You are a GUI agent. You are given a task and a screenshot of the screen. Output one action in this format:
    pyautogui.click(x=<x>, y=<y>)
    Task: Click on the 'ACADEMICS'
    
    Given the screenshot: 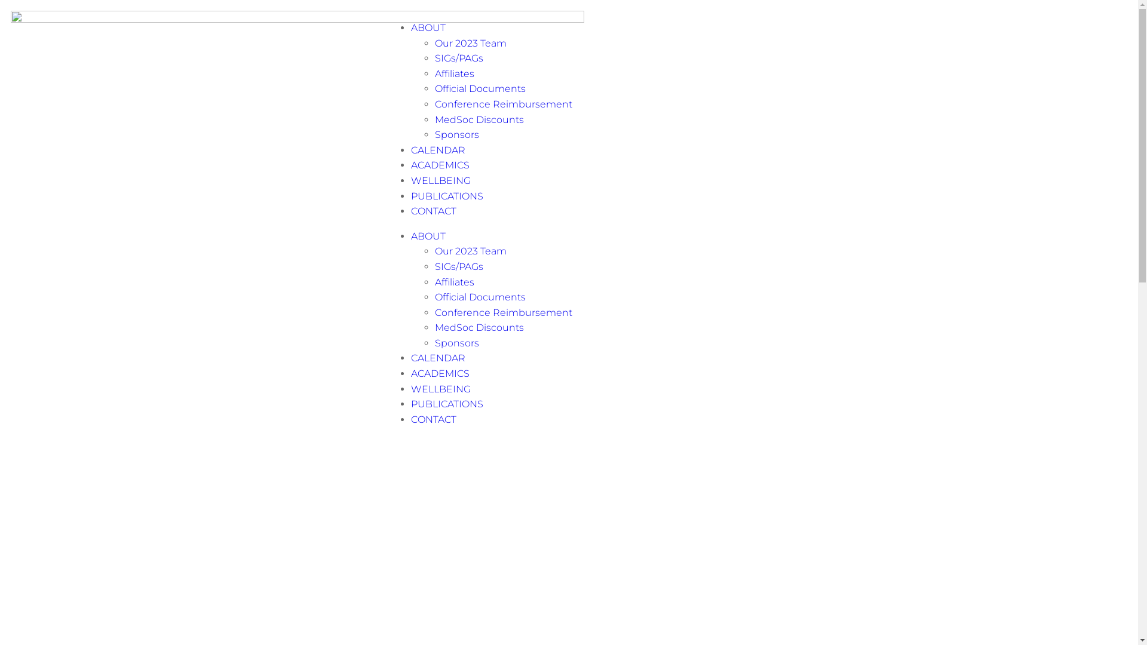 What is the action you would take?
    pyautogui.click(x=440, y=165)
    